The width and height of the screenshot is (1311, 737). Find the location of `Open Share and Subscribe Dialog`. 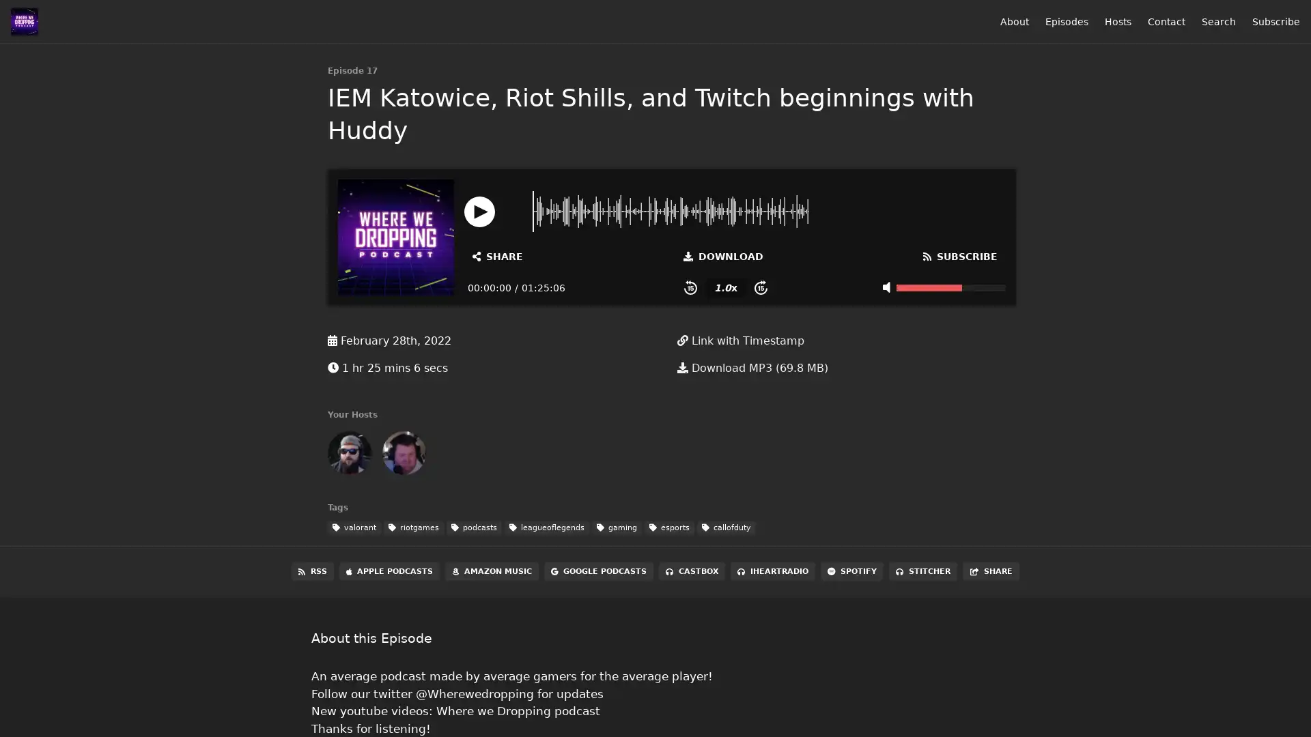

Open Share and Subscribe Dialog is located at coordinates (497, 255).